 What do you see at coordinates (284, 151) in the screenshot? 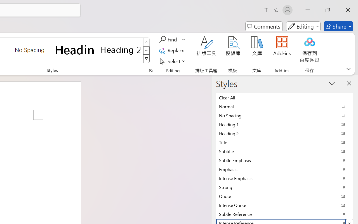
I see `'Subtitle'` at bounding box center [284, 151].